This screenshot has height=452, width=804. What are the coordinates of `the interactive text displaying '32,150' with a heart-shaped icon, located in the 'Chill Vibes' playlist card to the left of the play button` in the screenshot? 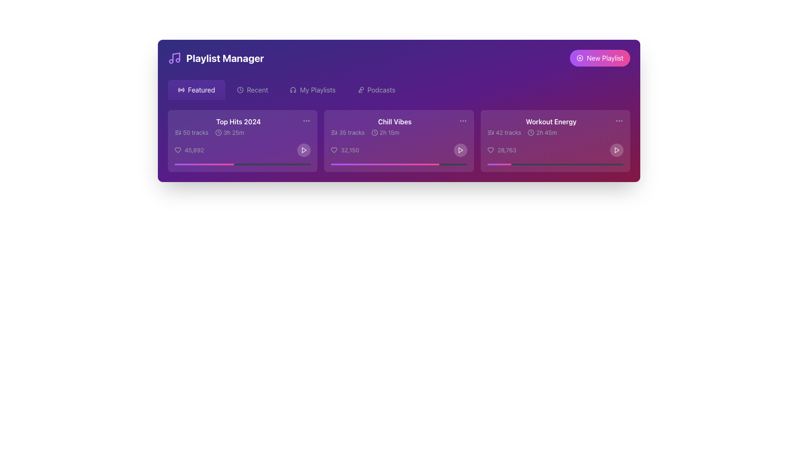 It's located at (345, 149).